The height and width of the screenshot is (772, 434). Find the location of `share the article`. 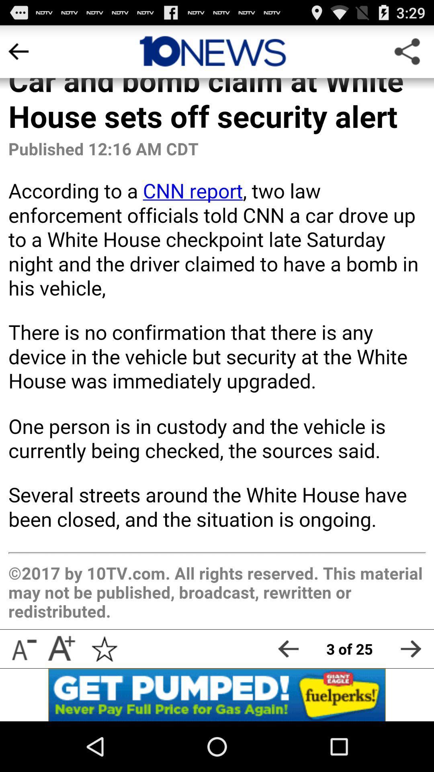

share the article is located at coordinates (411, 649).